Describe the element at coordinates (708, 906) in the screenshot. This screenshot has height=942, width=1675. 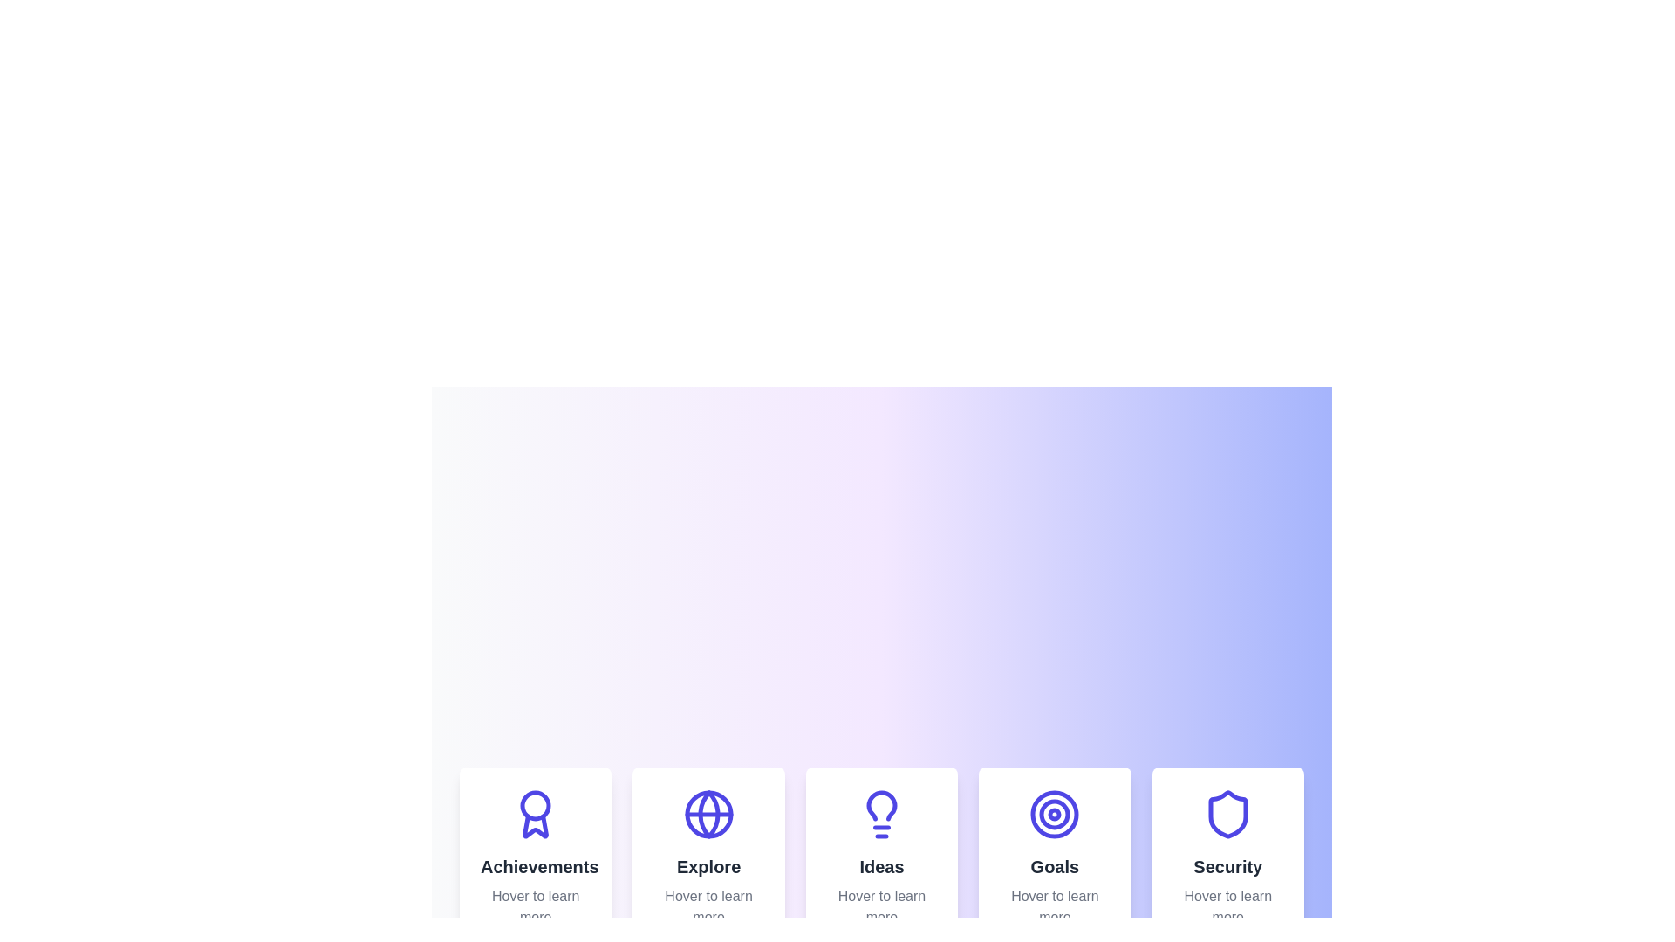
I see `the text element displaying 'Hover to learn more,' which is centrally aligned in a white card beneath the text 'Explore.'` at that location.